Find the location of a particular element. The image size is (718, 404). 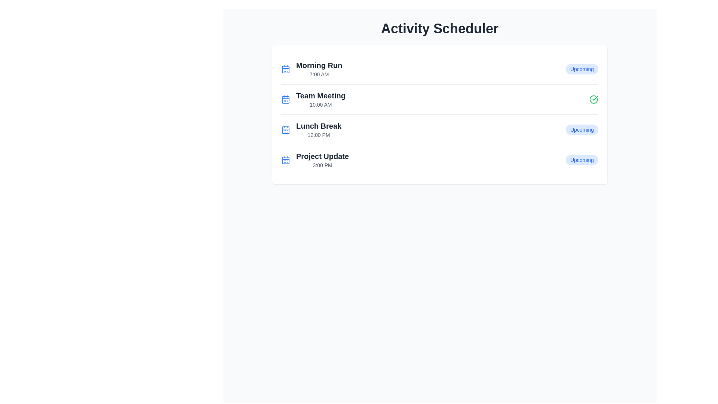

the Calendar Icon located to the left of the 'Team Meeting' text in the activity schedule list is located at coordinates (285, 99).